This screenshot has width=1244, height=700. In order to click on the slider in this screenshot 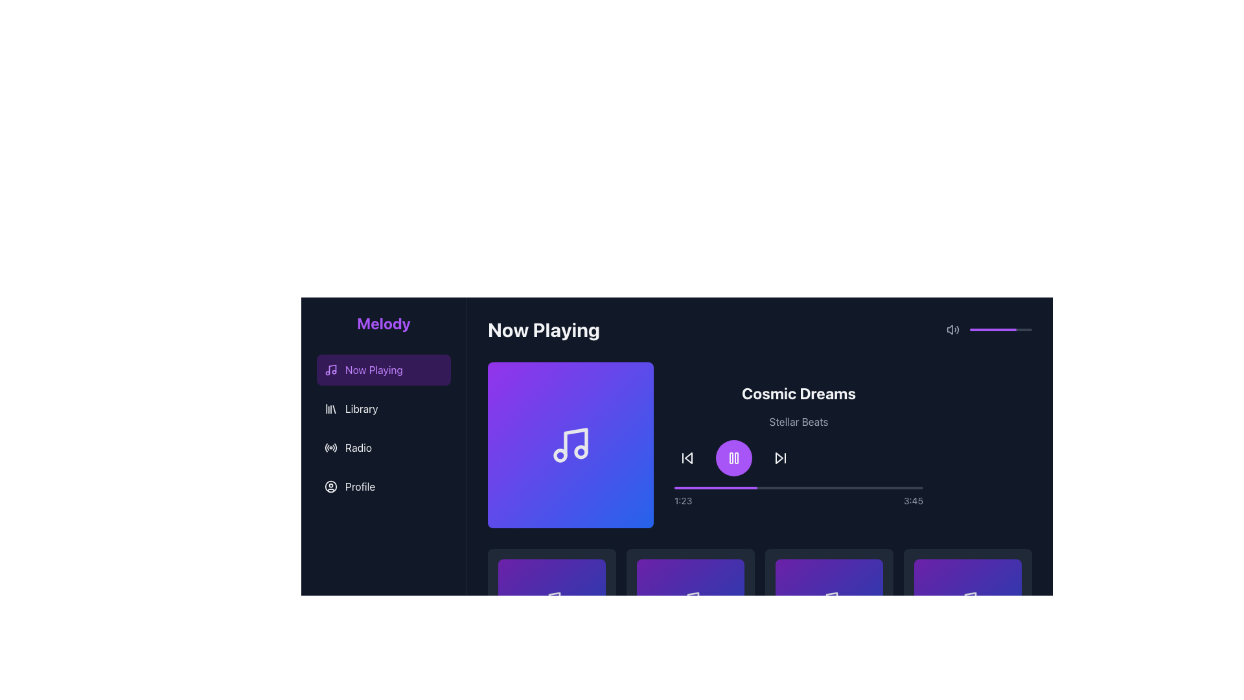, I will do `click(980, 329)`.